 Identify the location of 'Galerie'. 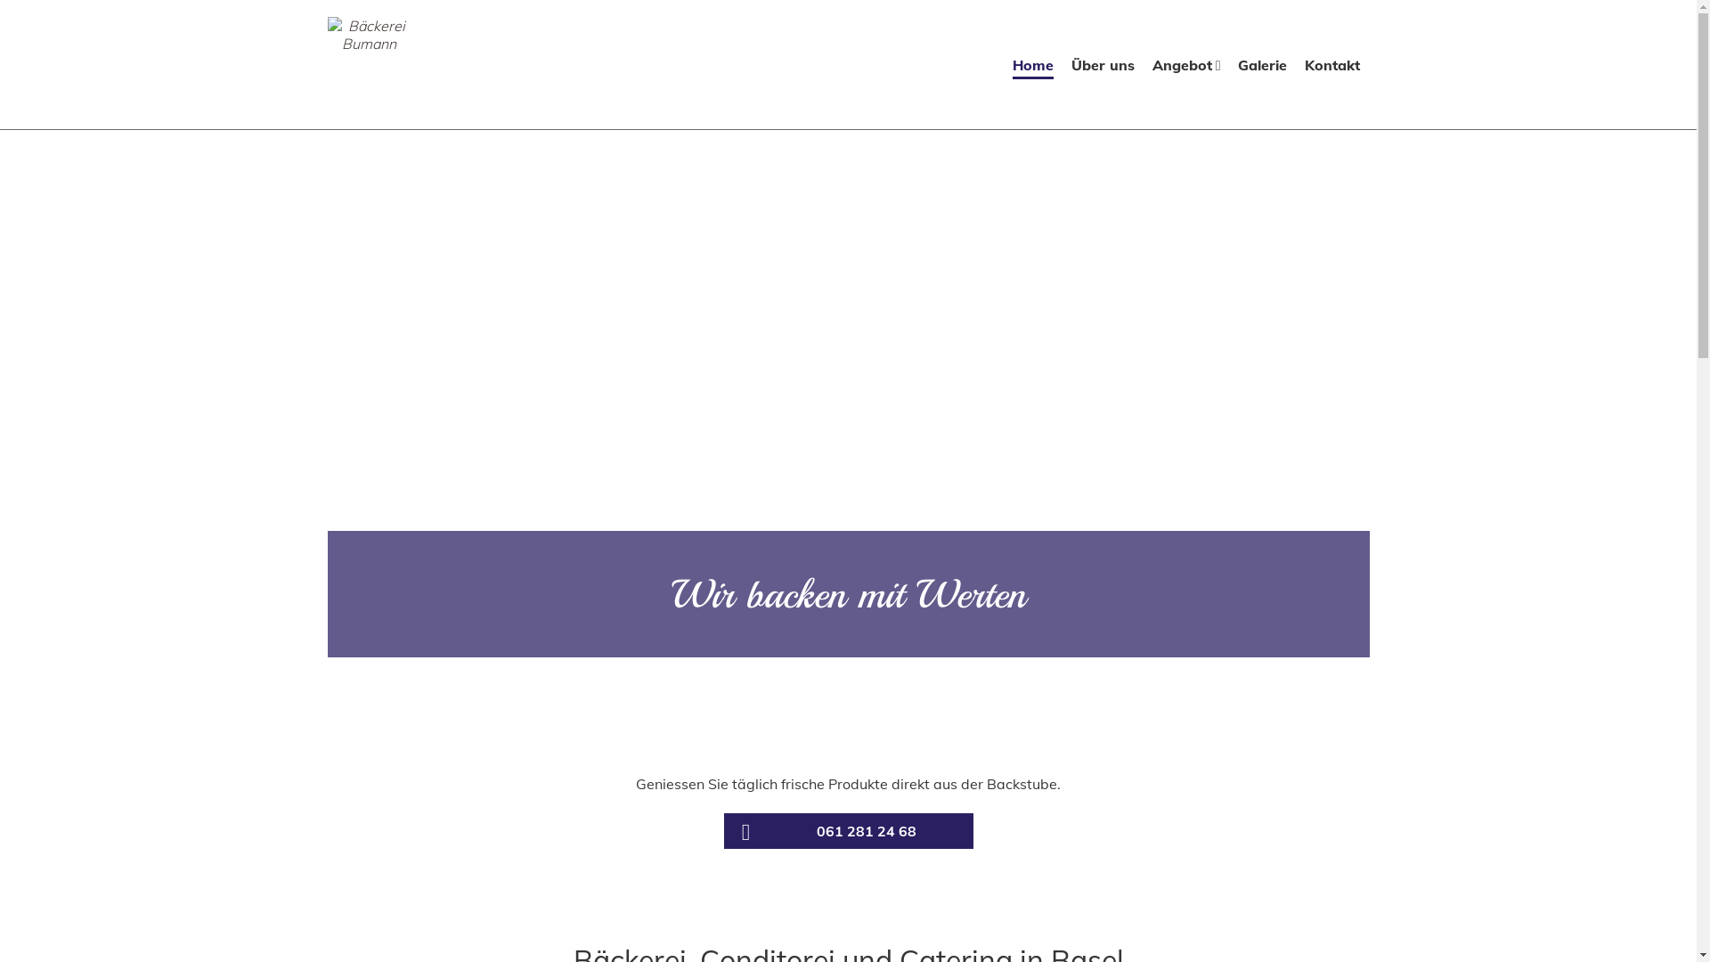
(1261, 67).